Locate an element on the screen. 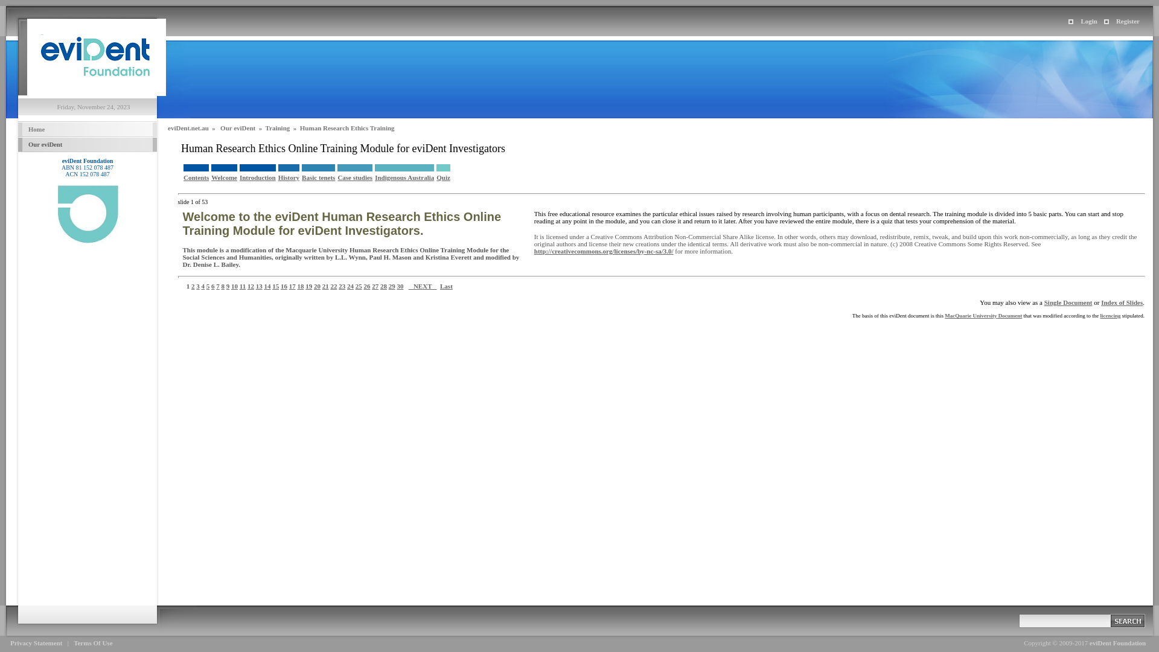  'History' is located at coordinates (288, 177).